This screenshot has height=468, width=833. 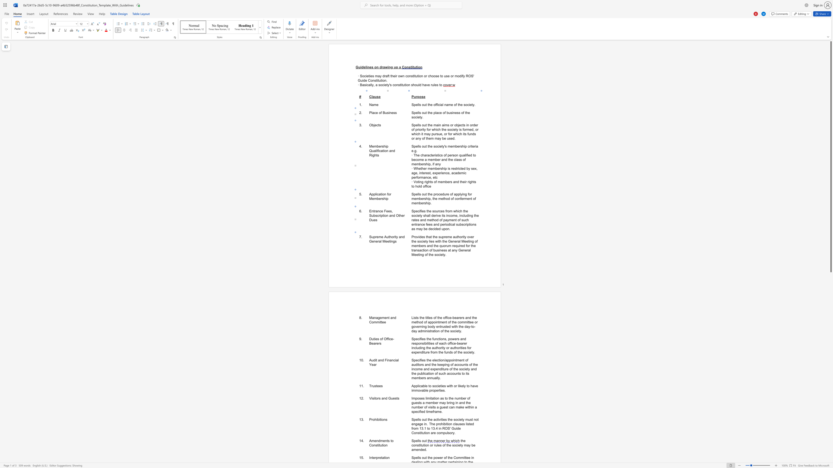 I want to click on the 2th character "g" in the text, so click(x=420, y=423).